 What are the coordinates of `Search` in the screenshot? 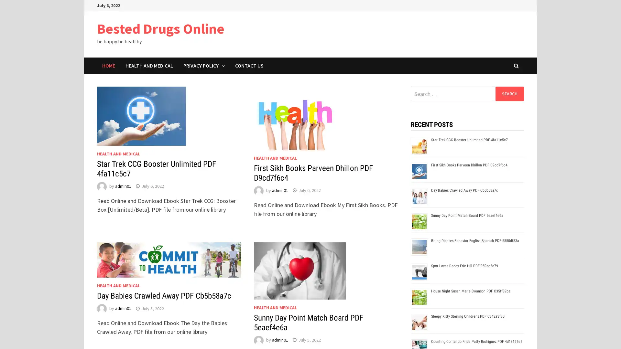 It's located at (509, 93).